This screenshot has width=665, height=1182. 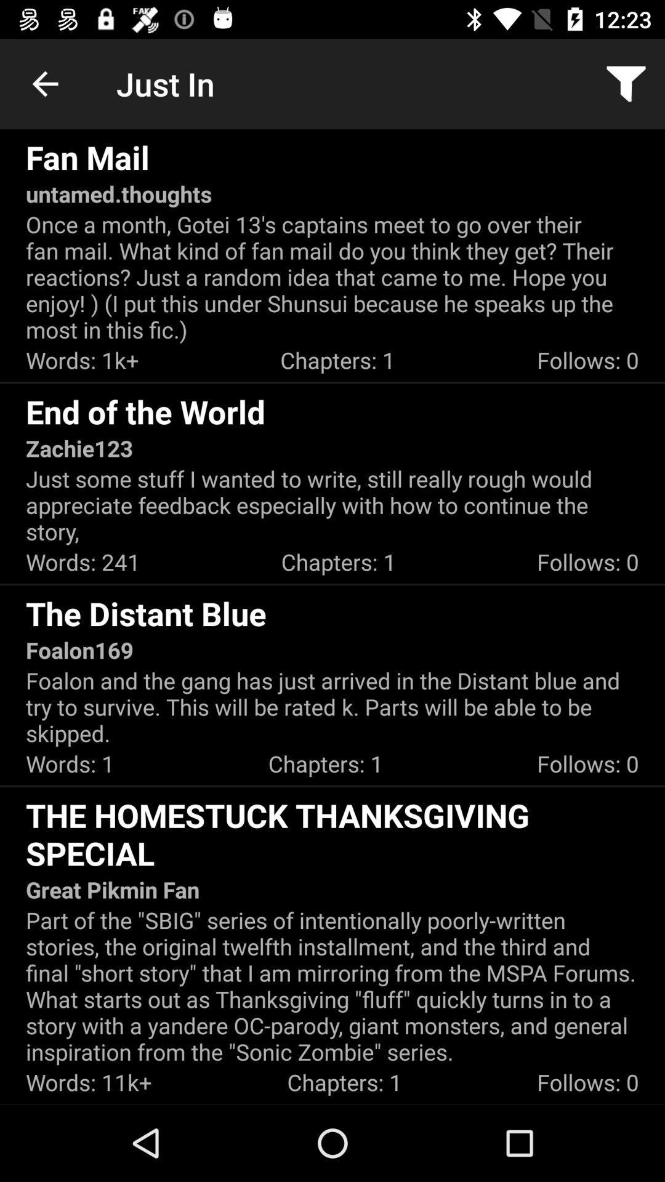 What do you see at coordinates (79, 649) in the screenshot?
I see `the foalon169` at bounding box center [79, 649].